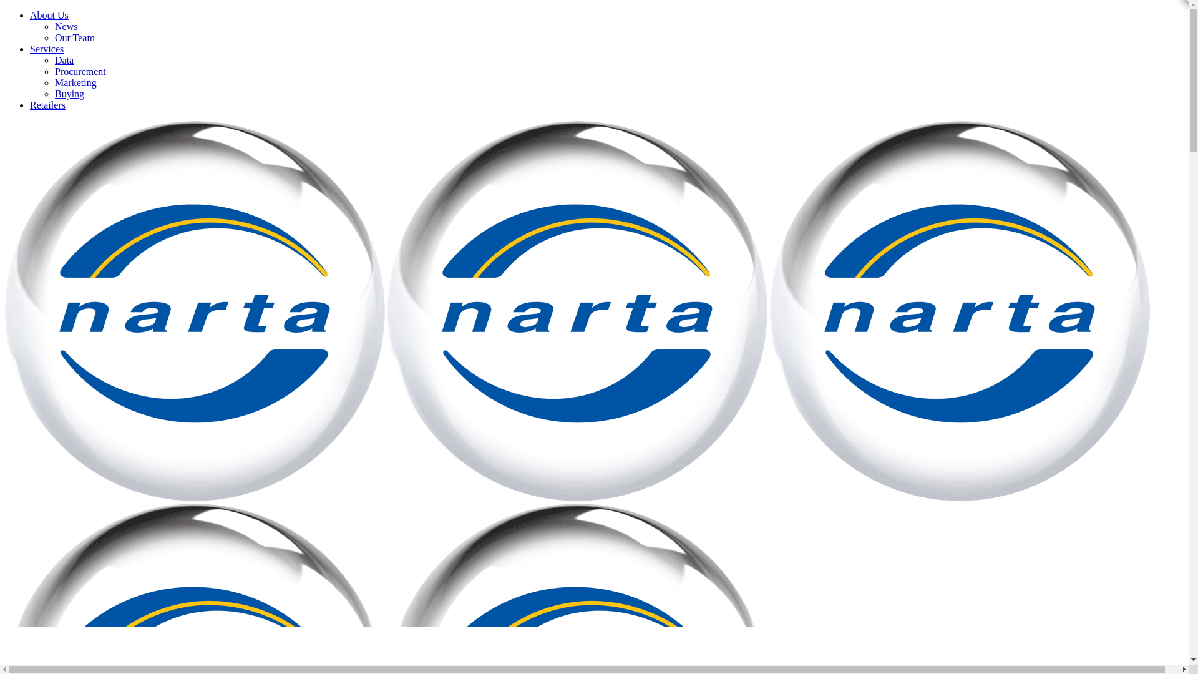 This screenshot has height=674, width=1198. What do you see at coordinates (69, 93) in the screenshot?
I see `'Buying'` at bounding box center [69, 93].